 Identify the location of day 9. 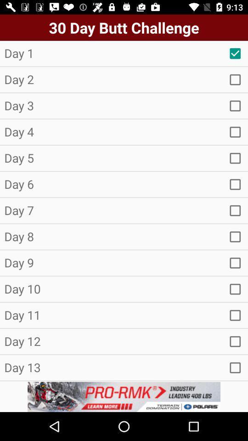
(235, 263).